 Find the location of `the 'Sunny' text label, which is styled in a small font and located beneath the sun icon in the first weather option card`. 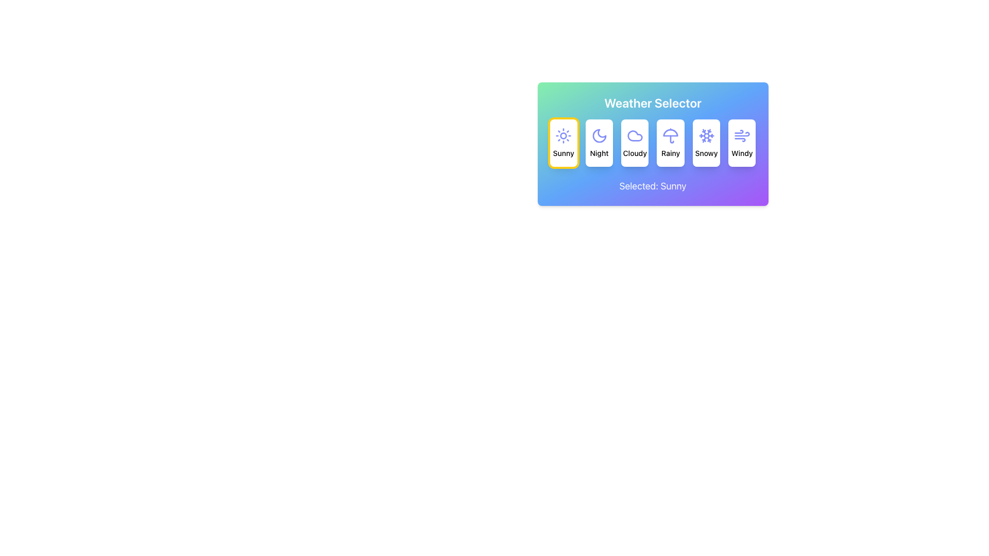

the 'Sunny' text label, which is styled in a small font and located beneath the sun icon in the first weather option card is located at coordinates (563, 153).